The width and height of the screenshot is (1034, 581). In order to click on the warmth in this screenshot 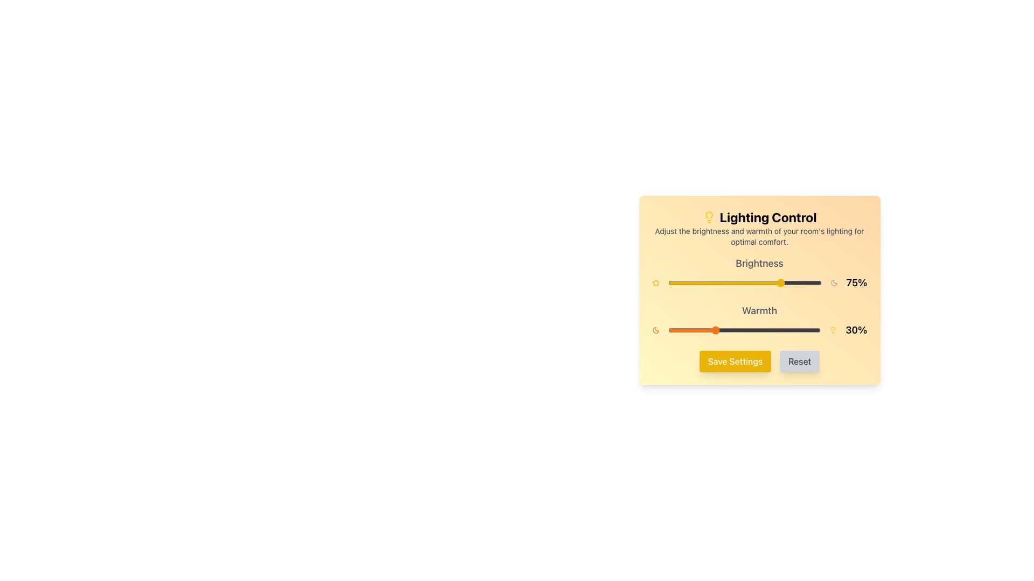, I will do `click(732, 329)`.